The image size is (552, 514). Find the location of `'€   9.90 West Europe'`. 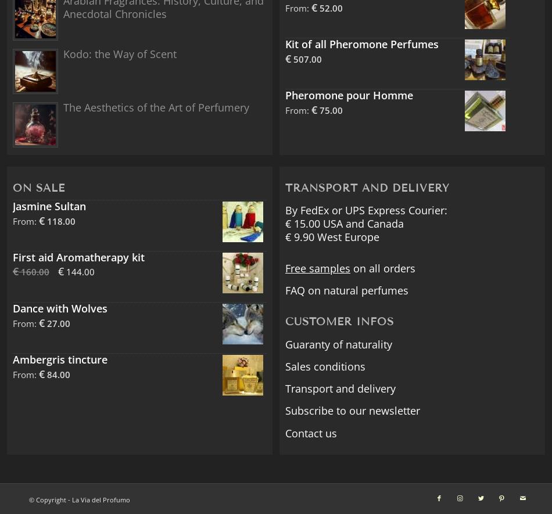

'€   9.90 West Europe' is located at coordinates (332, 236).